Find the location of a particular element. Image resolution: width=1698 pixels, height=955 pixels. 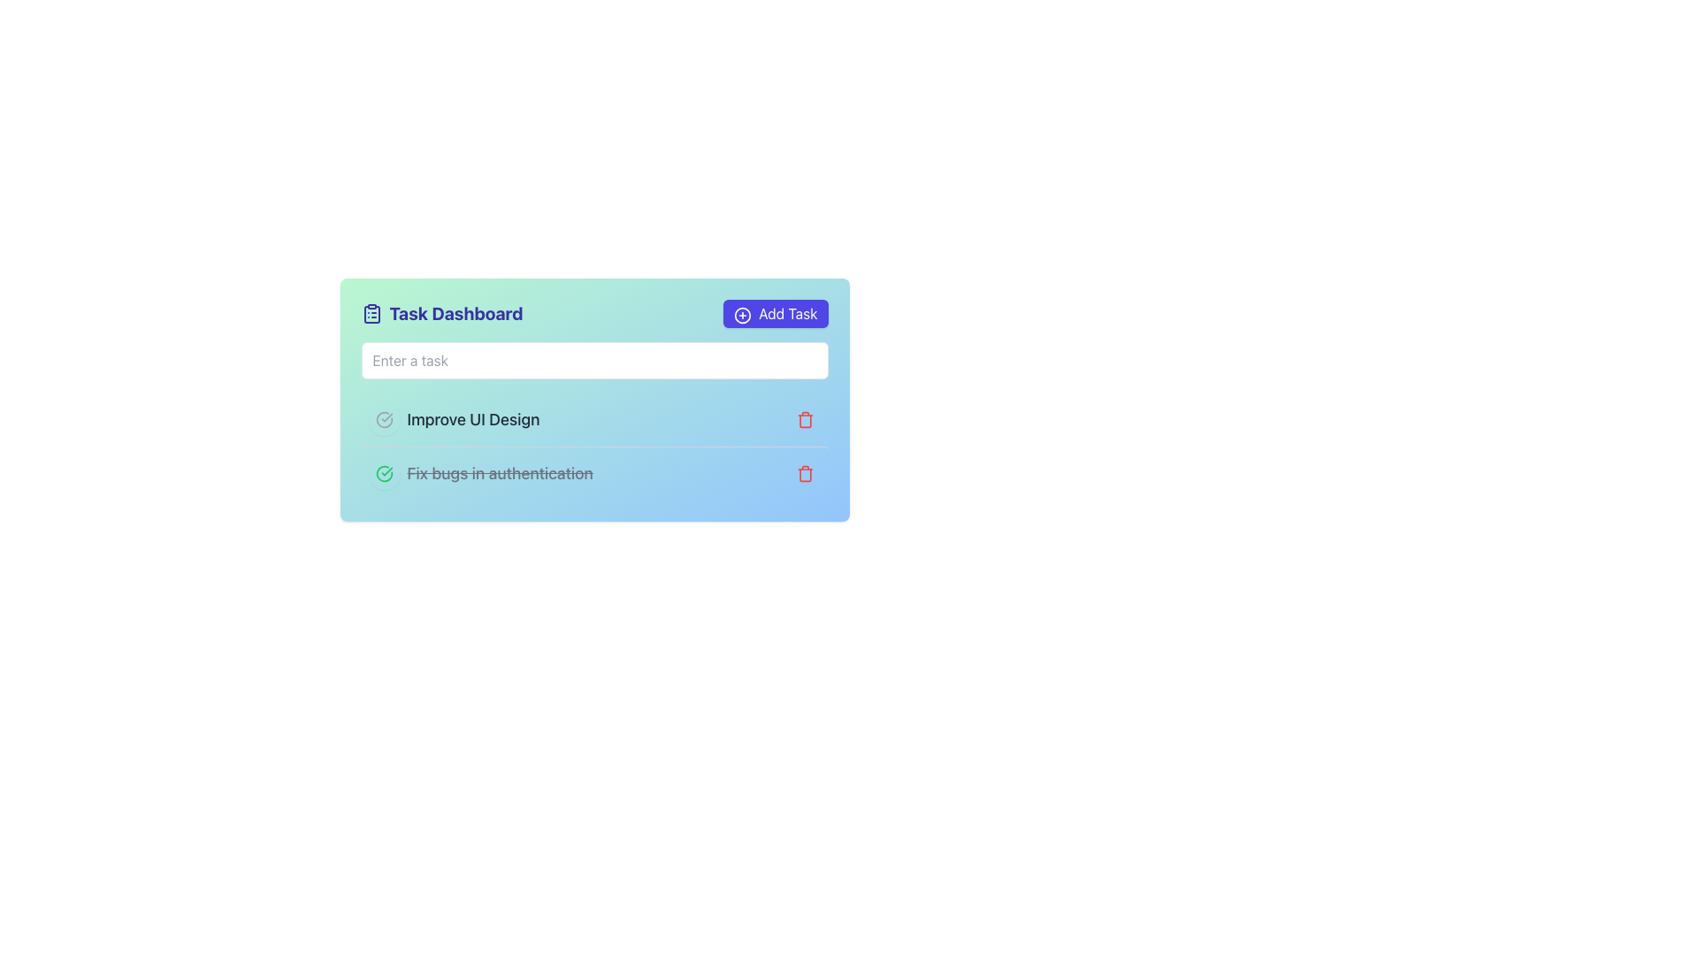

the text label displaying 'Fix bugs in authentication' is located at coordinates (480, 473).